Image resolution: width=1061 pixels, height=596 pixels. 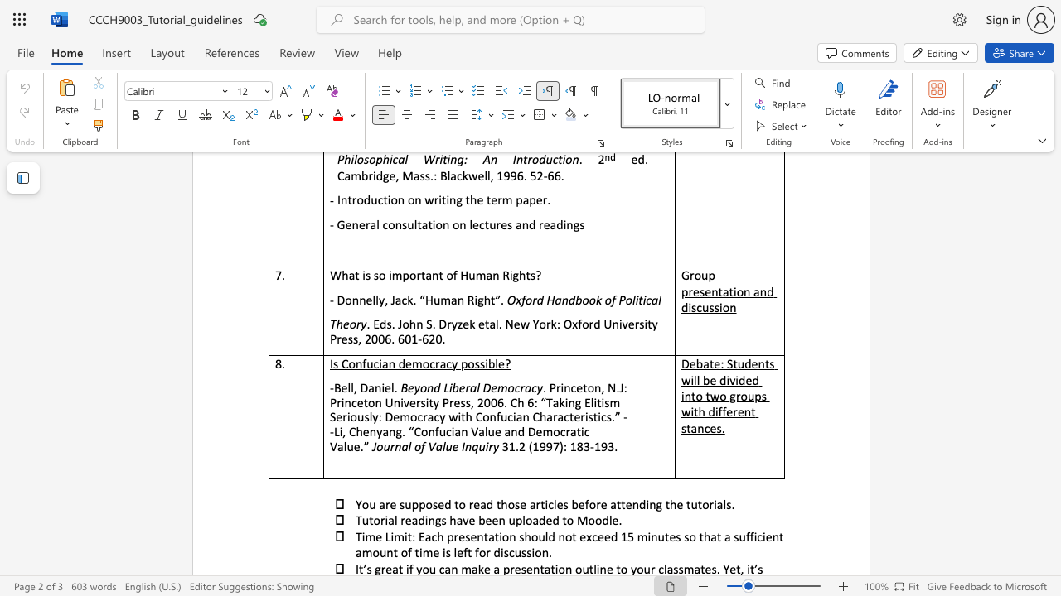 What do you see at coordinates (564, 402) in the screenshot?
I see `the subset text "ing" within the text ". Princeton, N.J: Princeton University Press, 2006. Ch 6: “Taking Elitism"` at bounding box center [564, 402].